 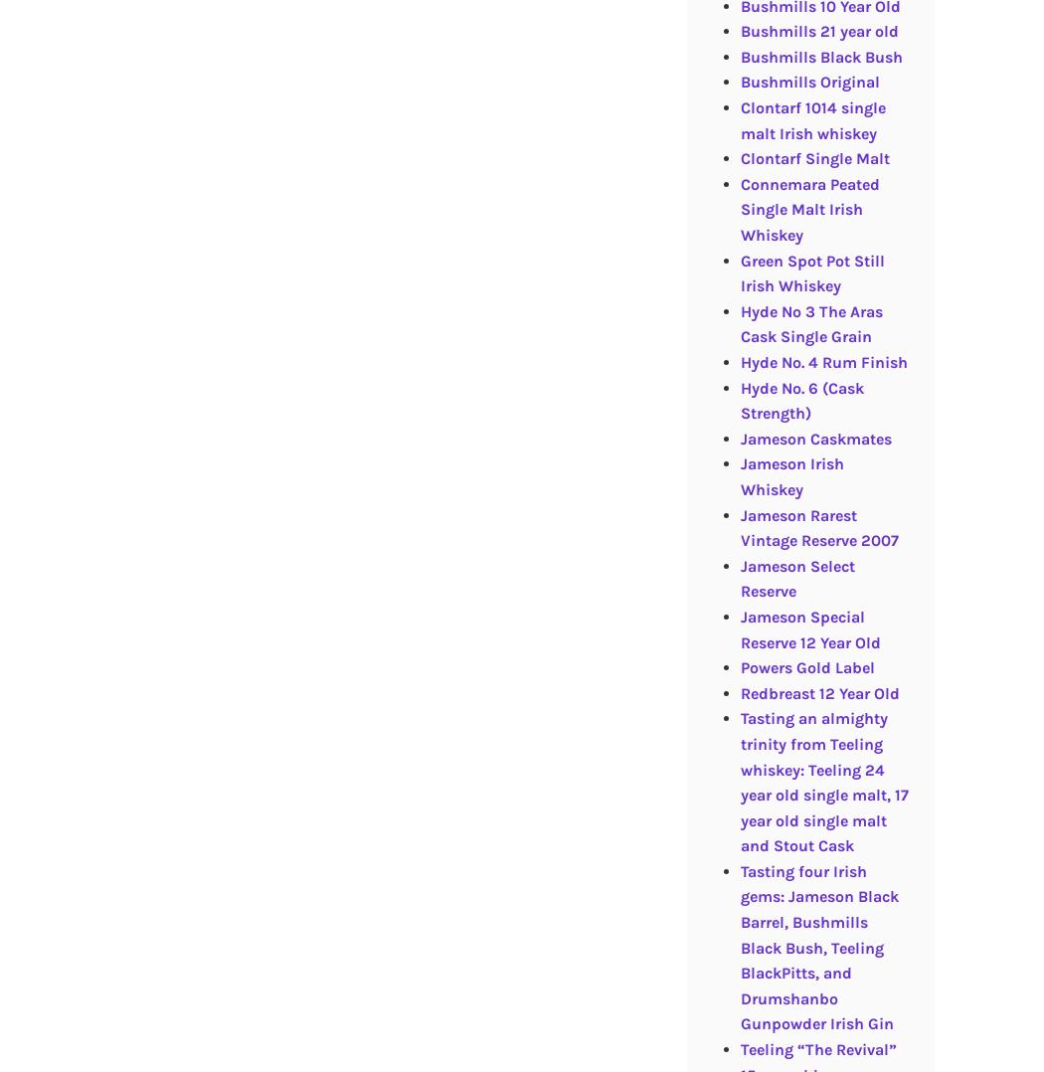 What do you see at coordinates (823, 362) in the screenshot?
I see `'Hyde No. 4 Rum Finish'` at bounding box center [823, 362].